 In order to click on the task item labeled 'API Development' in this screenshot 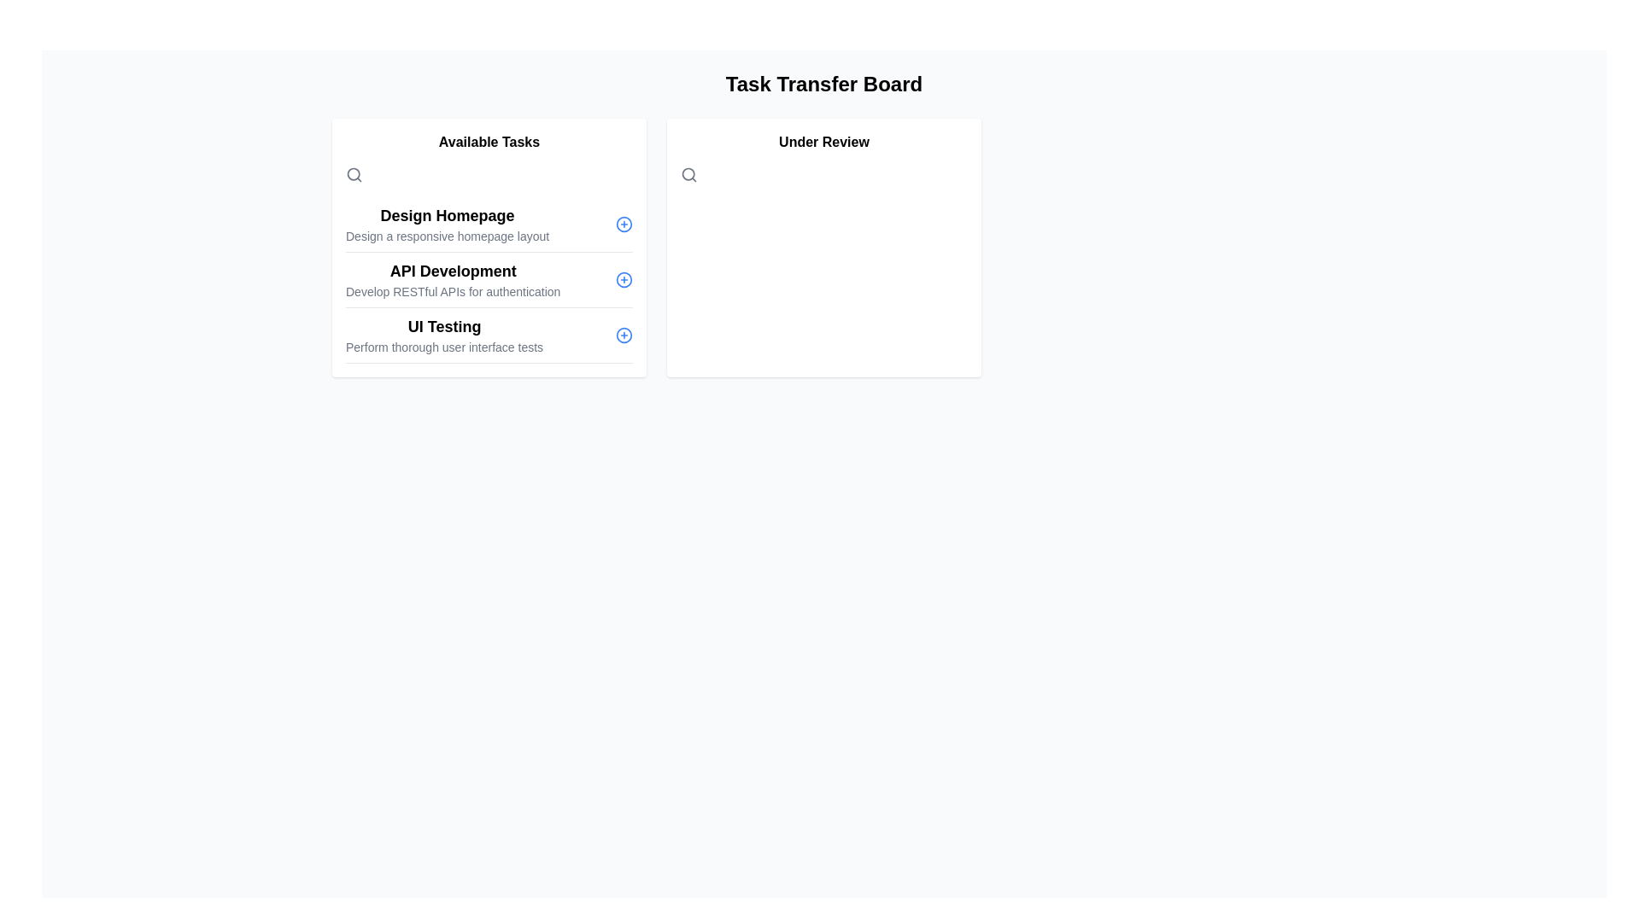, I will do `click(488, 279)`.